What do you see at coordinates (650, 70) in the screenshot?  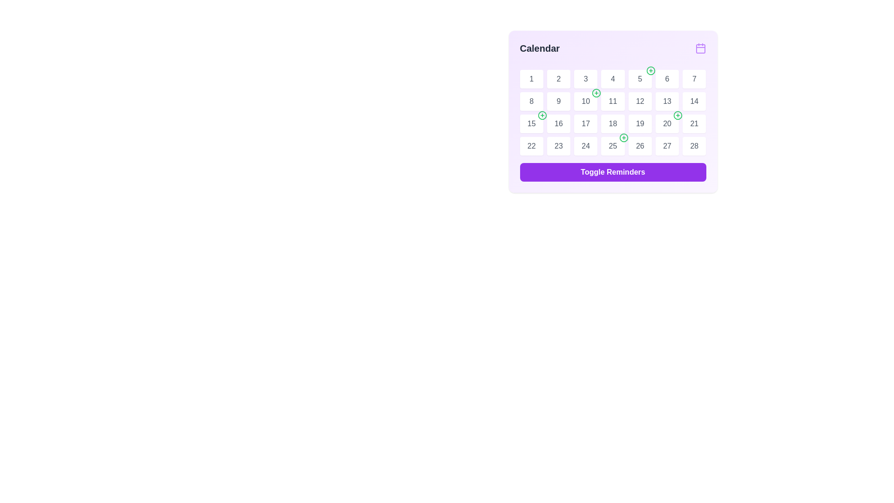 I see `the calendar button/icon associated with date 5` at bounding box center [650, 70].